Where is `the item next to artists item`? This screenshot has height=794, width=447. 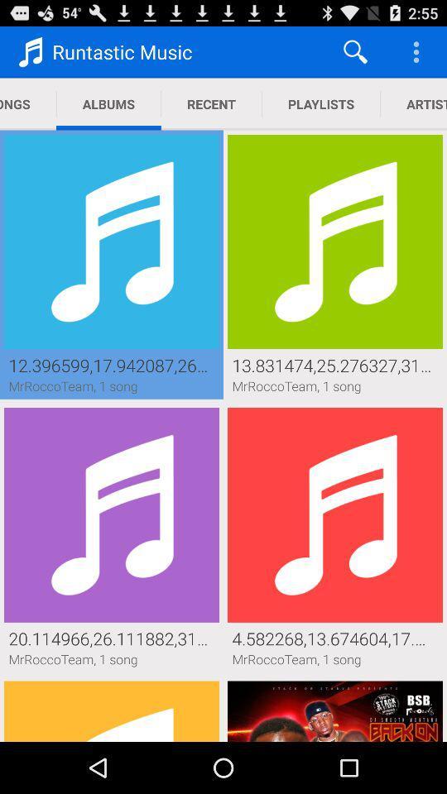
the item next to artists item is located at coordinates (321, 103).